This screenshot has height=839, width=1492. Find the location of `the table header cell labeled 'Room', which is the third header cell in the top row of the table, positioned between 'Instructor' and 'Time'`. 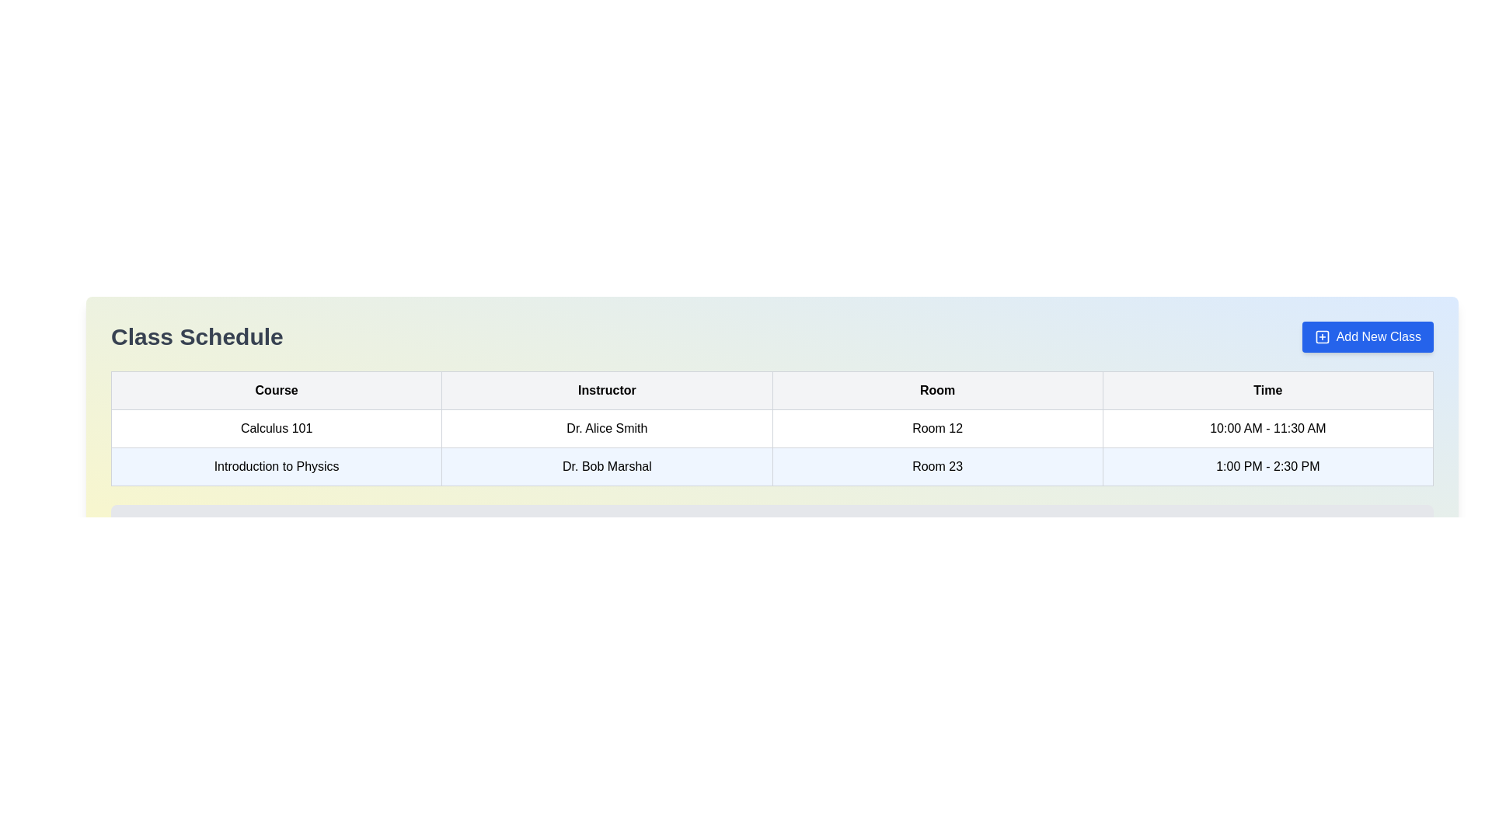

the table header cell labeled 'Room', which is the third header cell in the top row of the table, positioned between 'Instructor' and 'Time' is located at coordinates (936, 389).